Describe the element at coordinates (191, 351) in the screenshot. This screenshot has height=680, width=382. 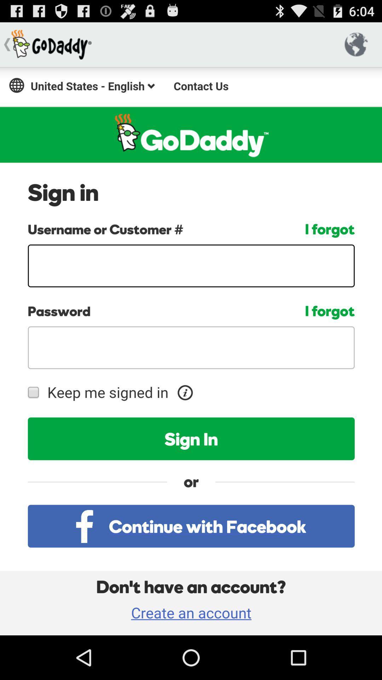
I see `sign on information` at that location.